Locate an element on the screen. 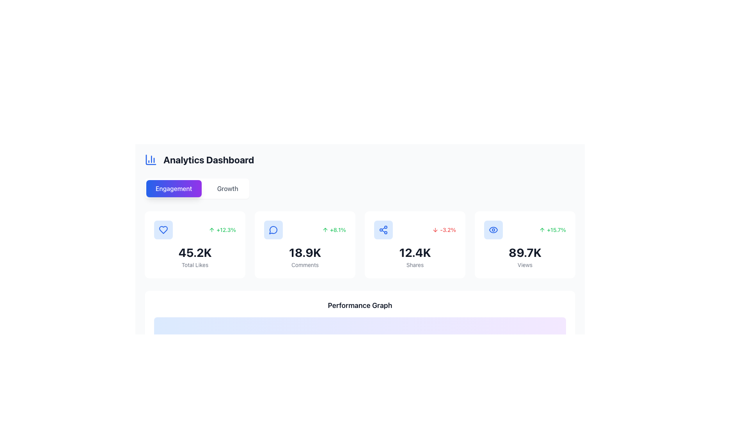  the circular icon resembling a speech bubble located at the top left corner of the card labeled '18.9K Comments' under the 'Engagement' tab is located at coordinates (273, 230).